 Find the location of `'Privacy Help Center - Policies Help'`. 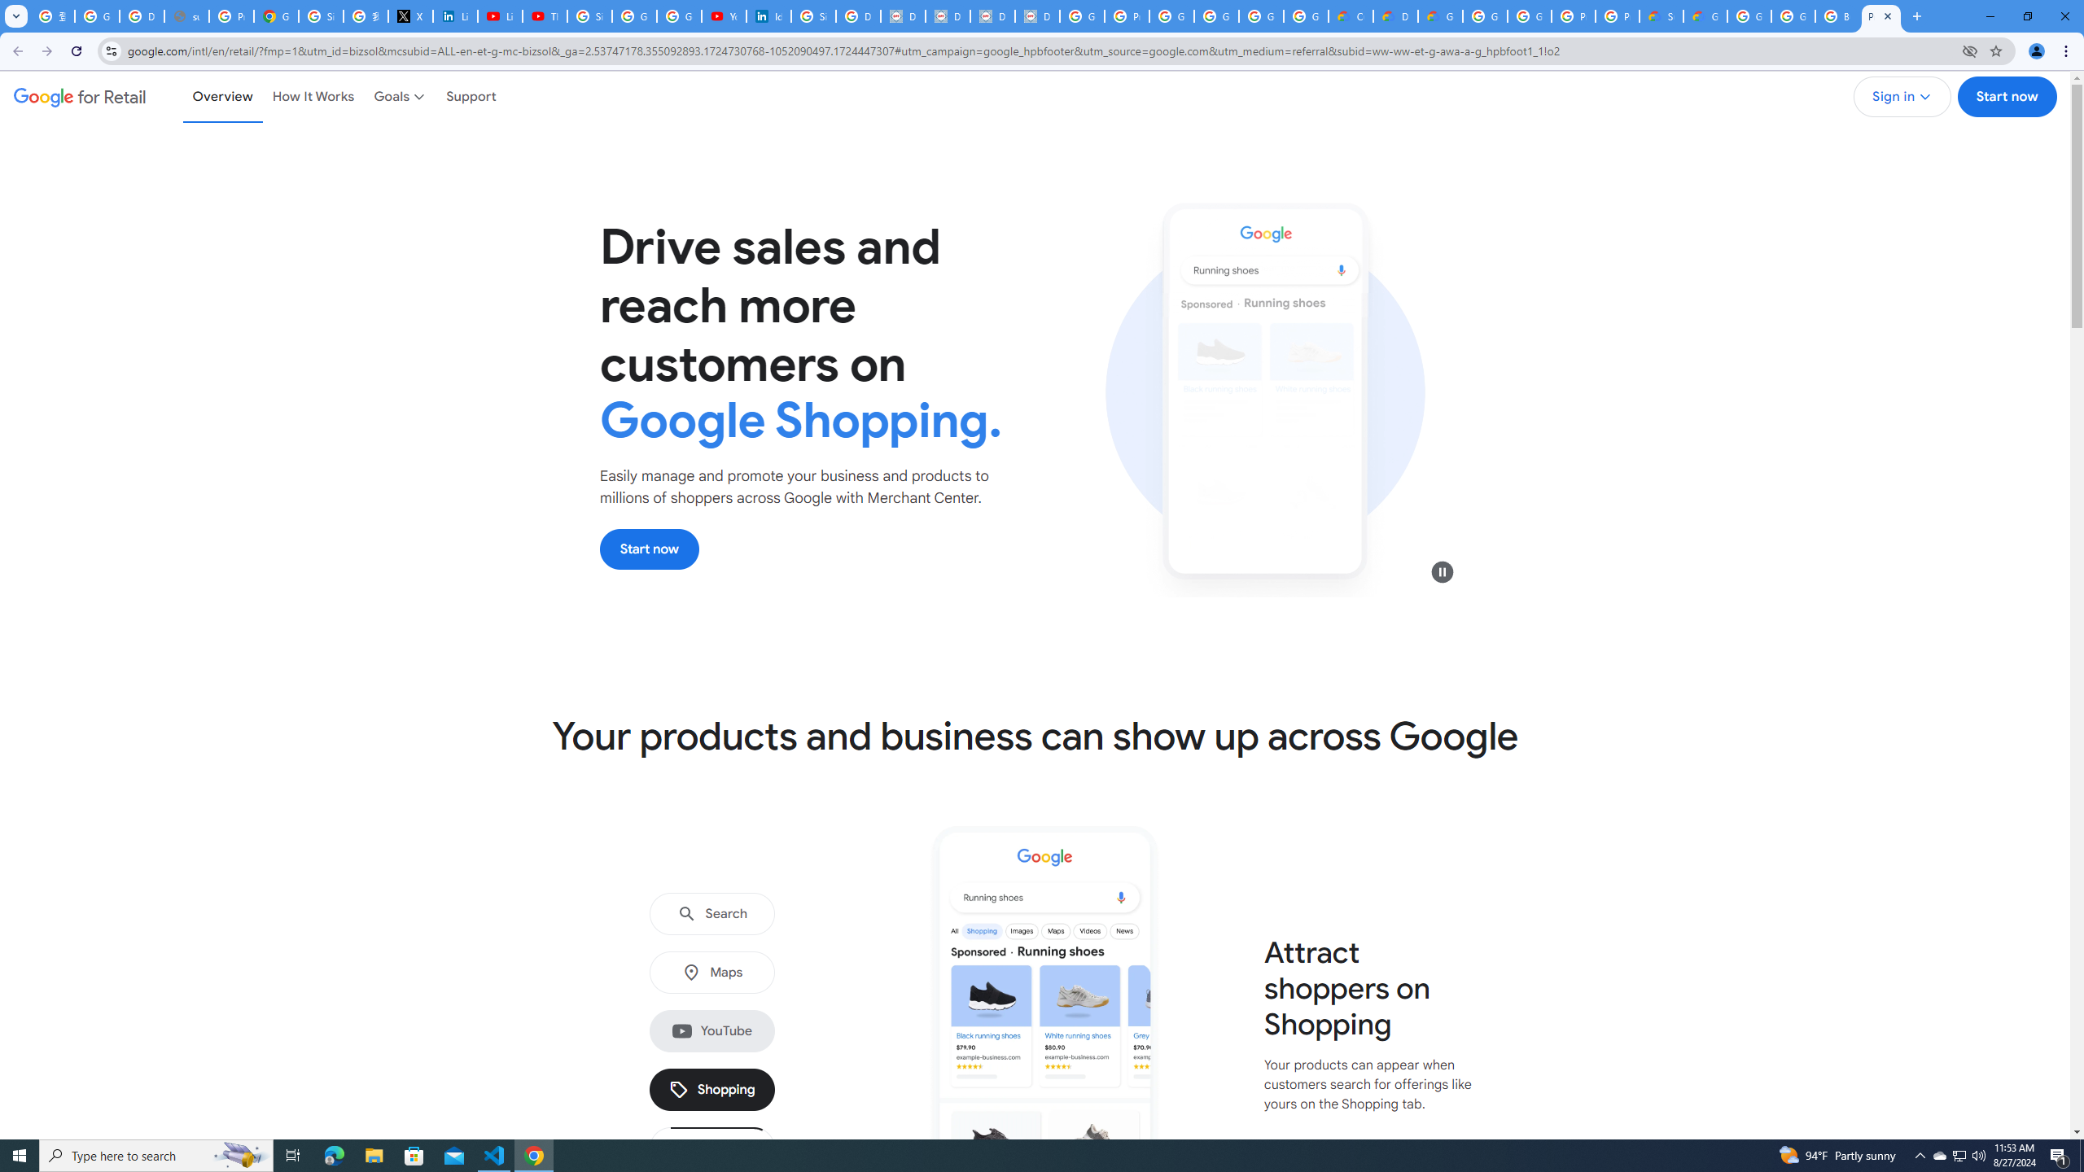

'Privacy Help Center - Policies Help' is located at coordinates (231, 15).